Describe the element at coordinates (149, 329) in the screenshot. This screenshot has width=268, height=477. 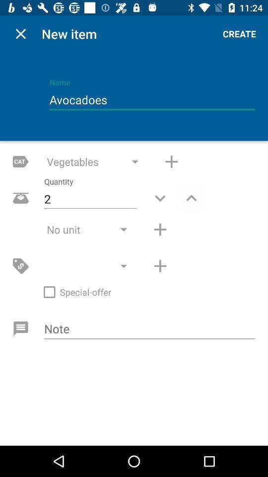
I see `note option` at that location.